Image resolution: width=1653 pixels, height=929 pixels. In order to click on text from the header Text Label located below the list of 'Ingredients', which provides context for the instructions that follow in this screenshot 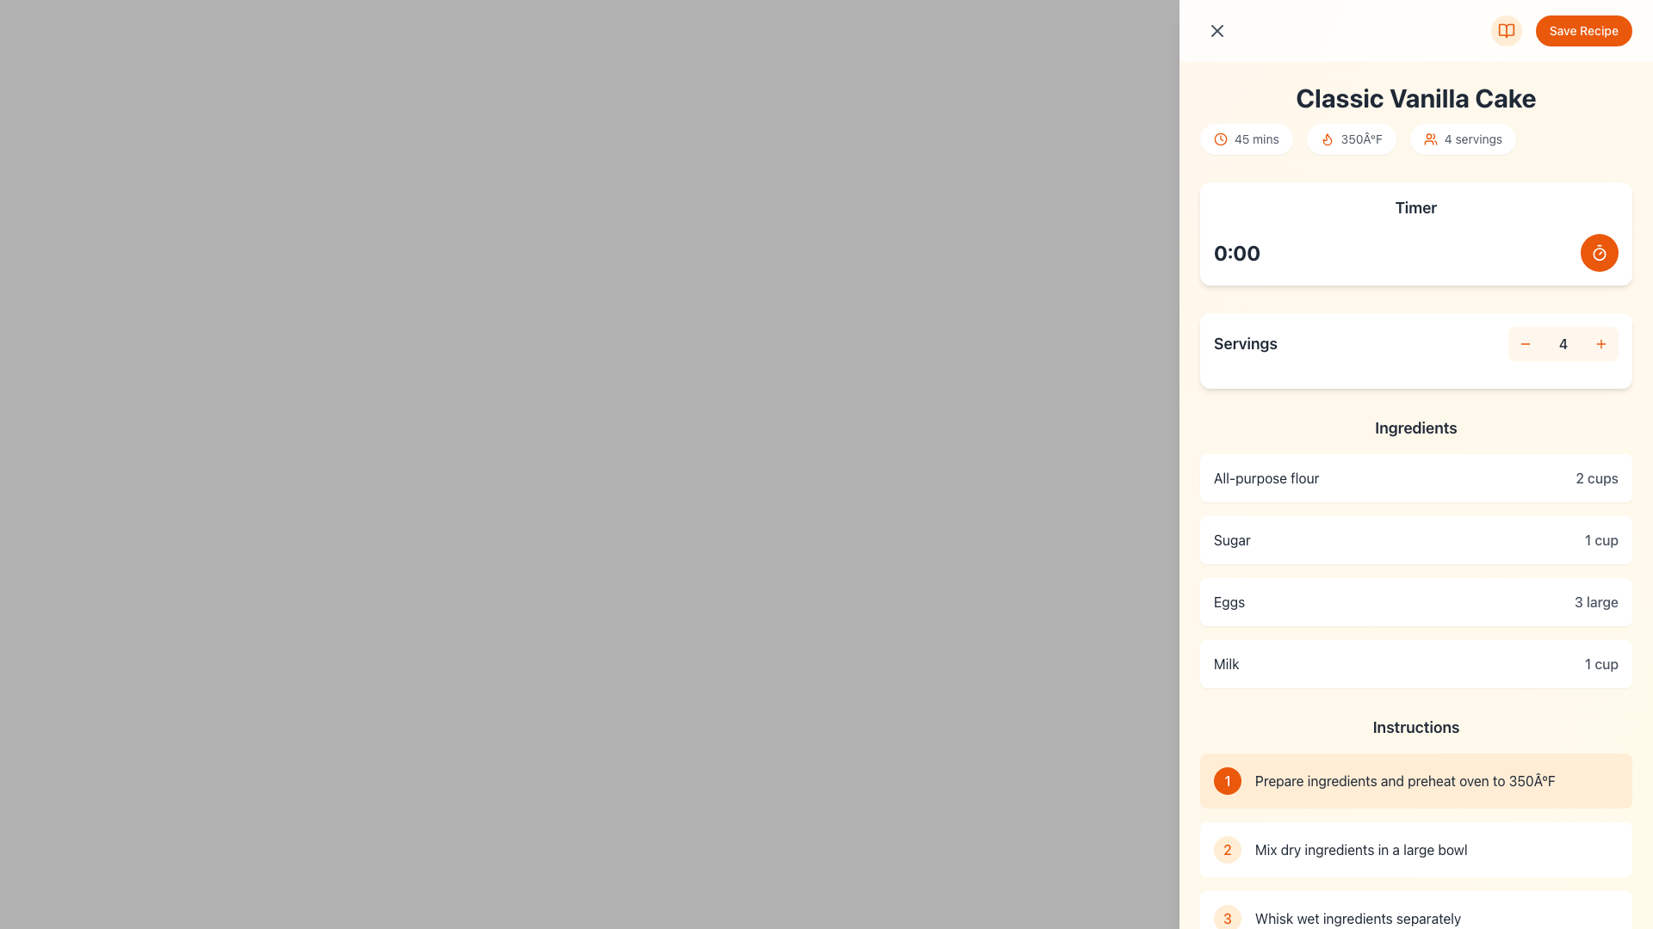, I will do `click(1416, 727)`.